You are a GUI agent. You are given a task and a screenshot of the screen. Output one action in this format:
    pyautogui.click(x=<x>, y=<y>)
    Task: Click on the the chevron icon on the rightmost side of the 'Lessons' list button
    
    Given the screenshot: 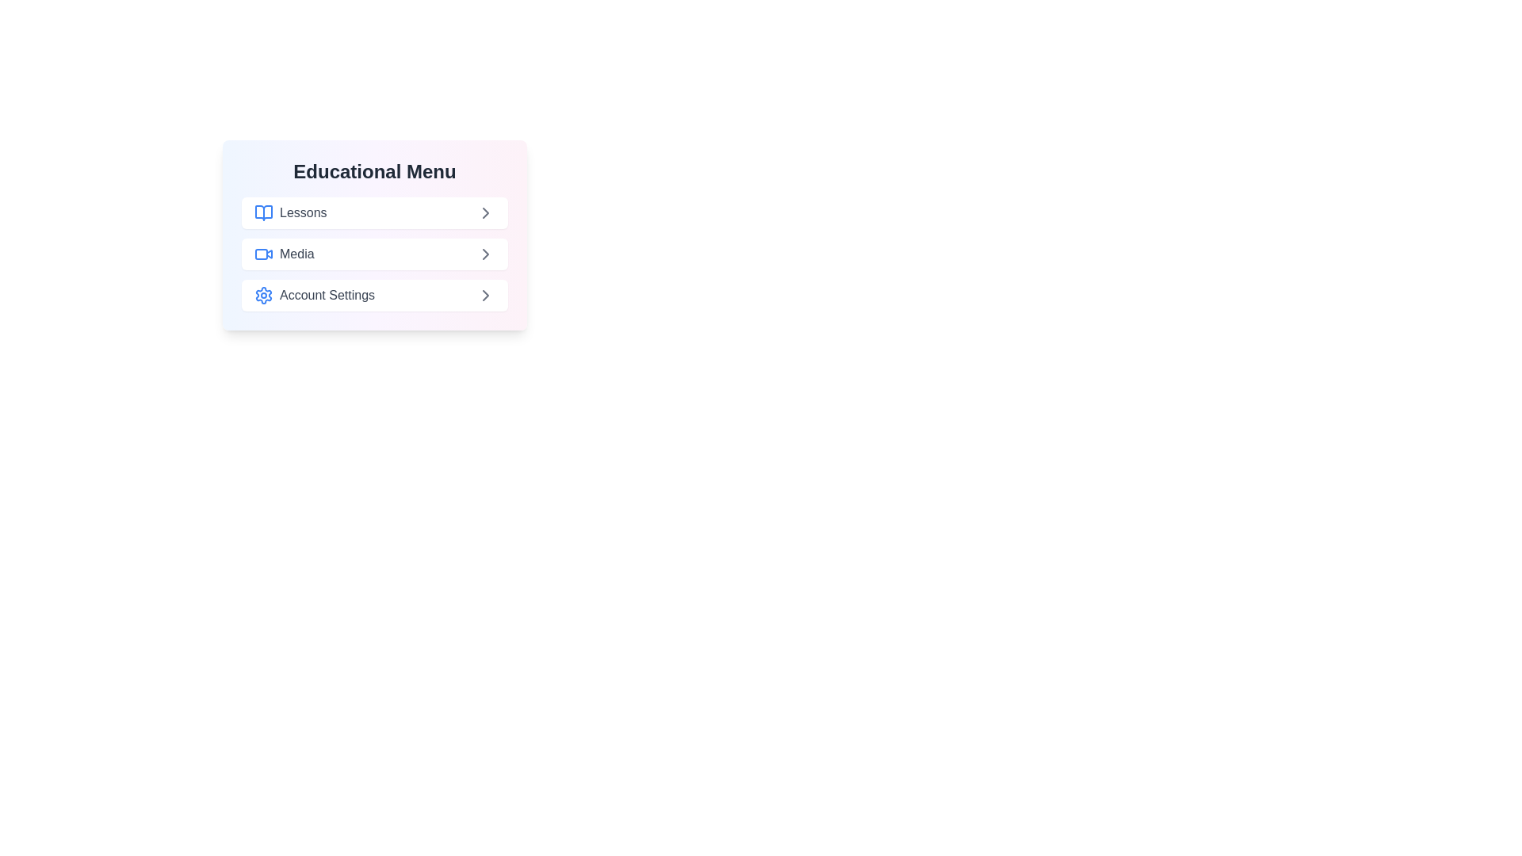 What is the action you would take?
    pyautogui.click(x=485, y=212)
    